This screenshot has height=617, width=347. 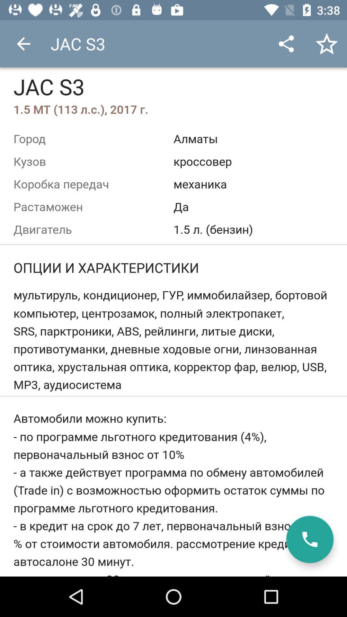 I want to click on app to the right of jac s3 icon, so click(x=286, y=43).